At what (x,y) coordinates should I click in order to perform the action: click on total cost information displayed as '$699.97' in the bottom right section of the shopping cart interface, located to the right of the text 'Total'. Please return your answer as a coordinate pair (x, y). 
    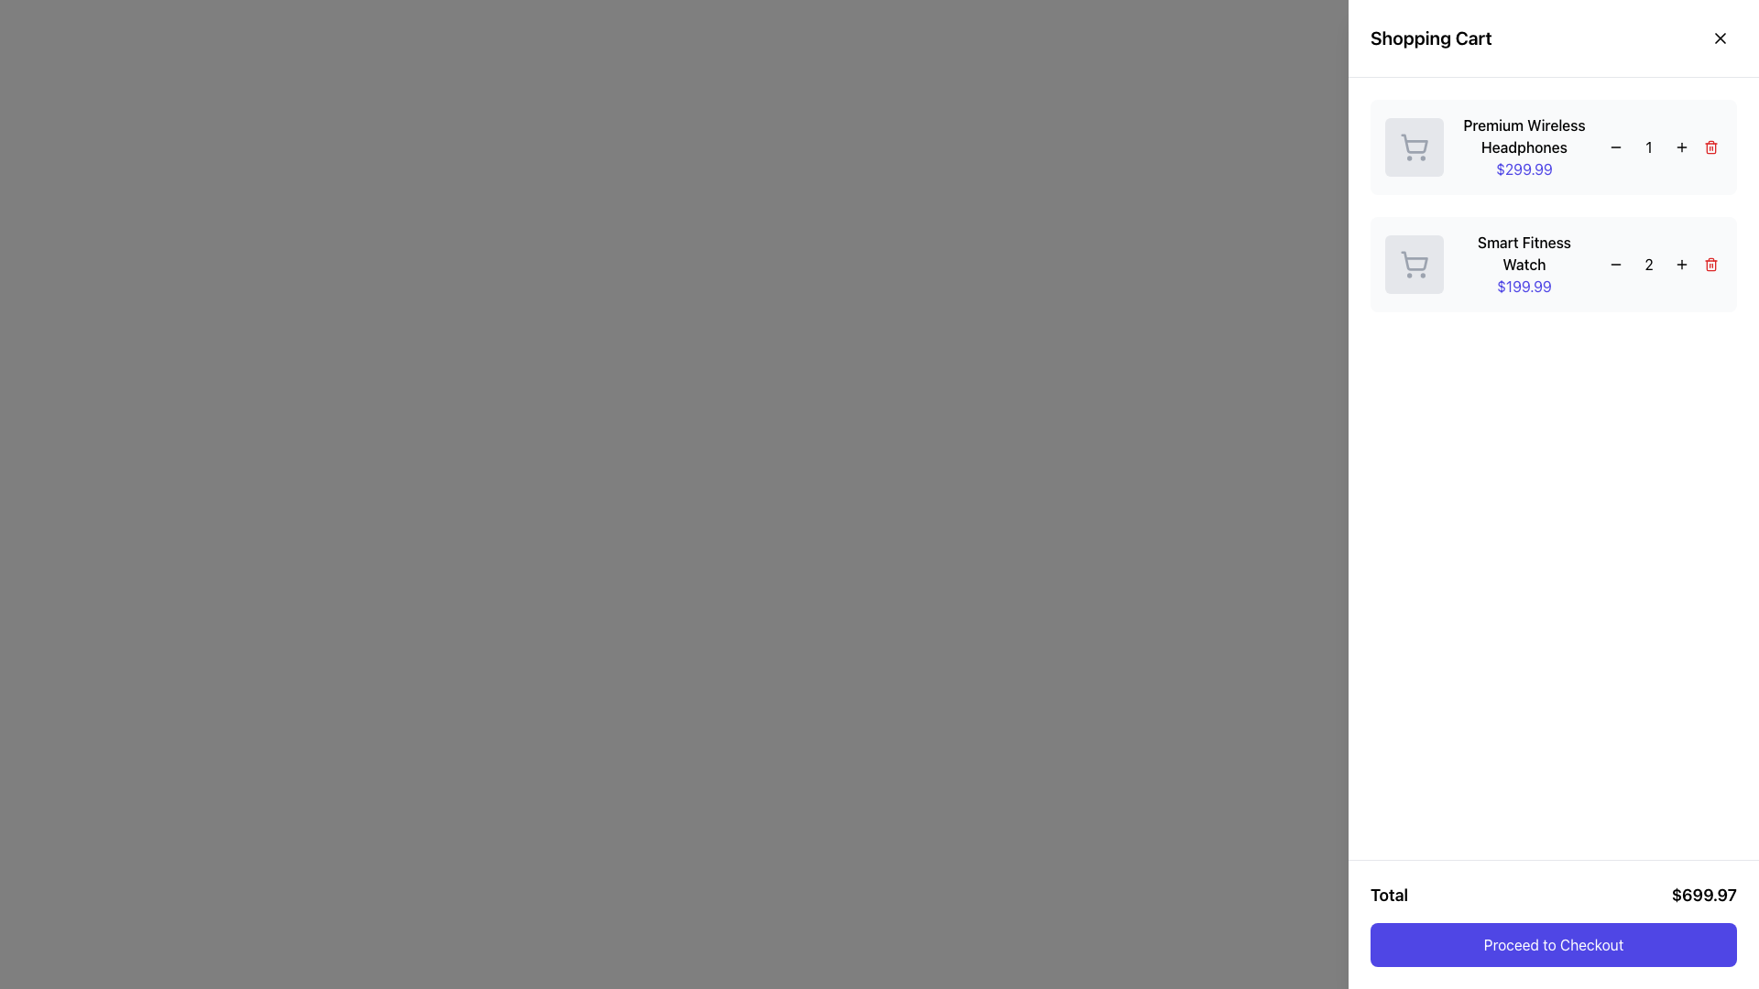
    Looking at the image, I should click on (1703, 895).